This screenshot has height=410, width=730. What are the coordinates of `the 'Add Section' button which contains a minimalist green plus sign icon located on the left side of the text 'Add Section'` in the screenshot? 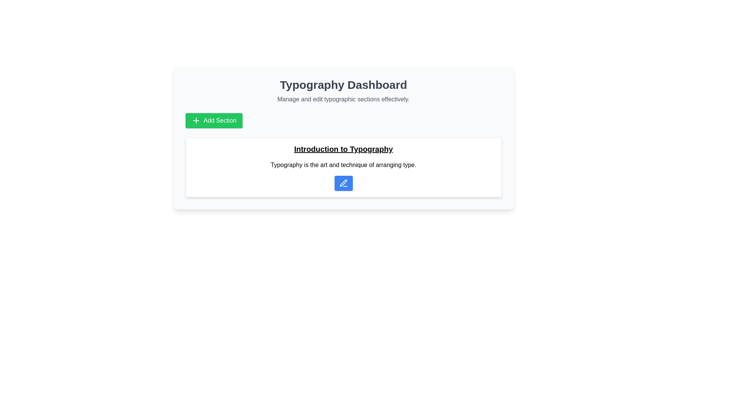 It's located at (196, 120).